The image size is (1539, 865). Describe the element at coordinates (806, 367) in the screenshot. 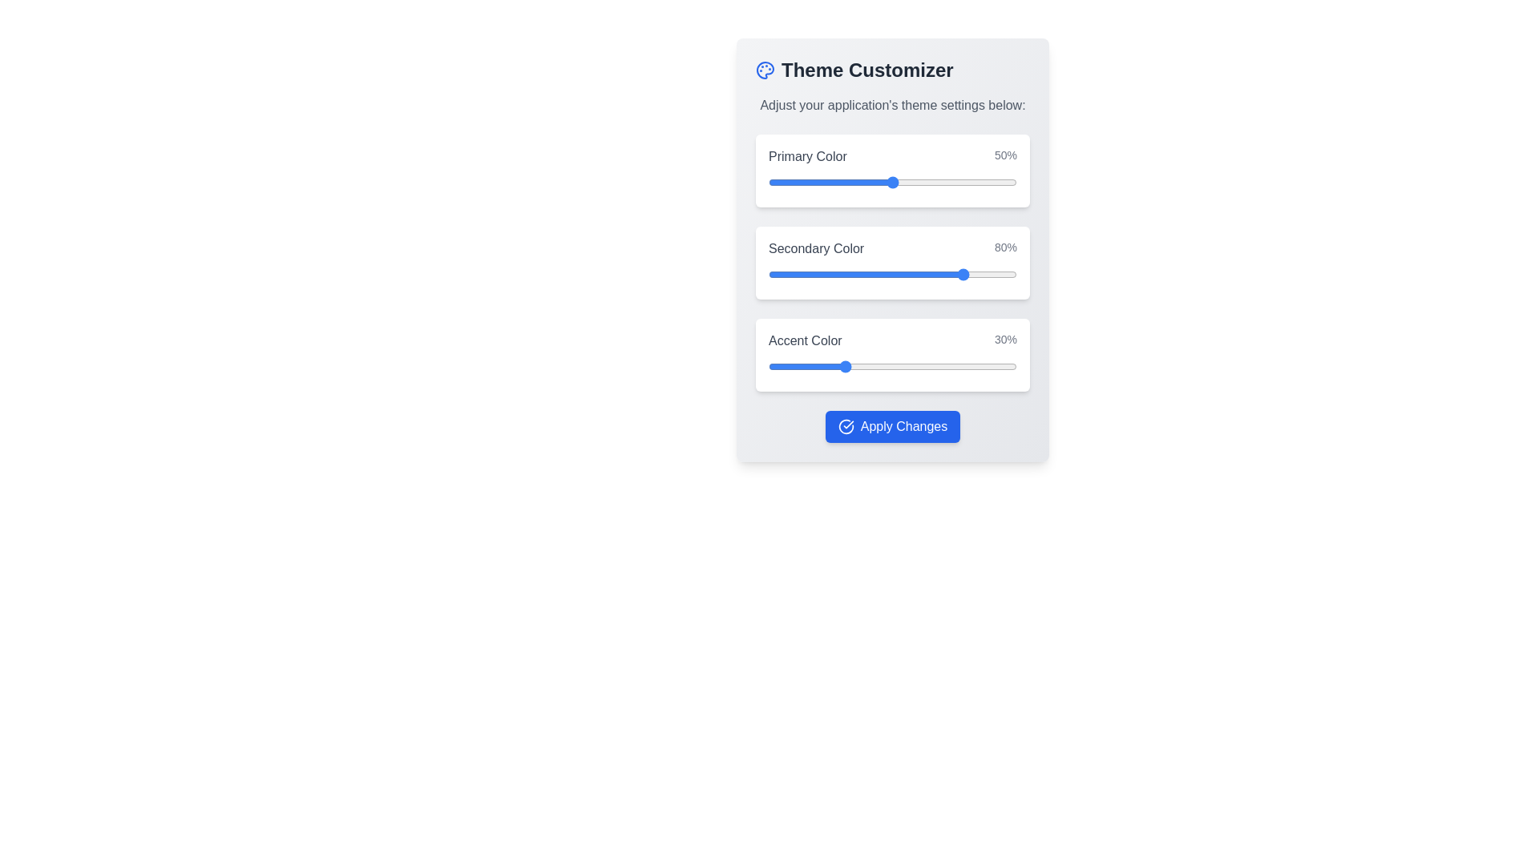

I see `the accent color percentage` at that location.